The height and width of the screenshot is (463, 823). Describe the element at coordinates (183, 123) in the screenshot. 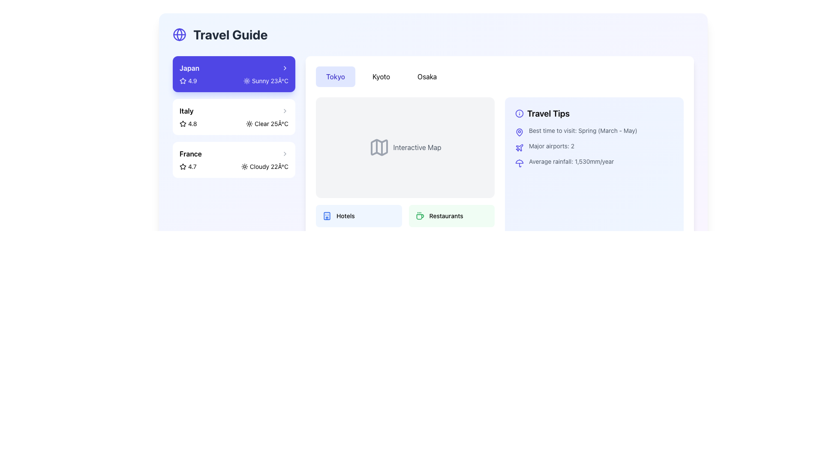

I see `the star-shaped icon used for rating or marking favorites that is the second item in the vertical list on the left-hand side panel, aligning with the 'Italy' option` at that location.